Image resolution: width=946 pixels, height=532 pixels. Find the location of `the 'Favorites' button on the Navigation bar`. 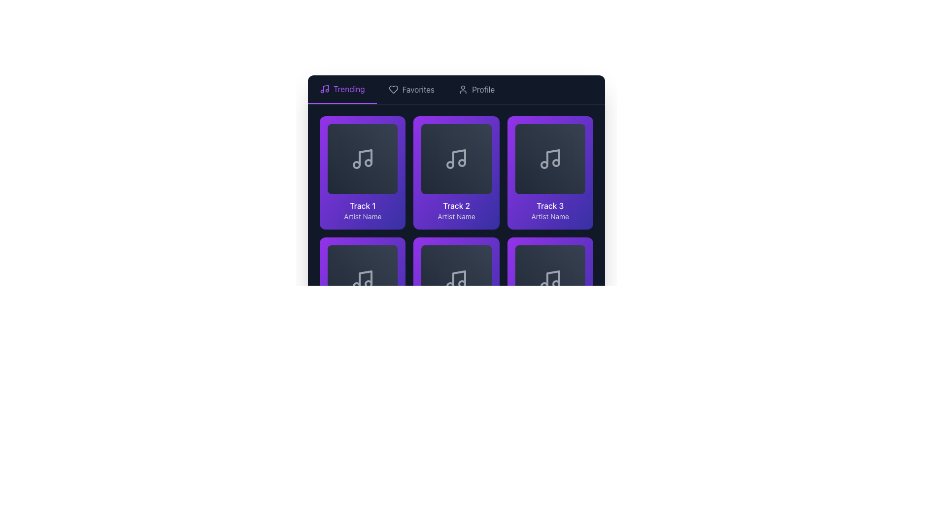

the 'Favorites' button on the Navigation bar is located at coordinates (456, 90).